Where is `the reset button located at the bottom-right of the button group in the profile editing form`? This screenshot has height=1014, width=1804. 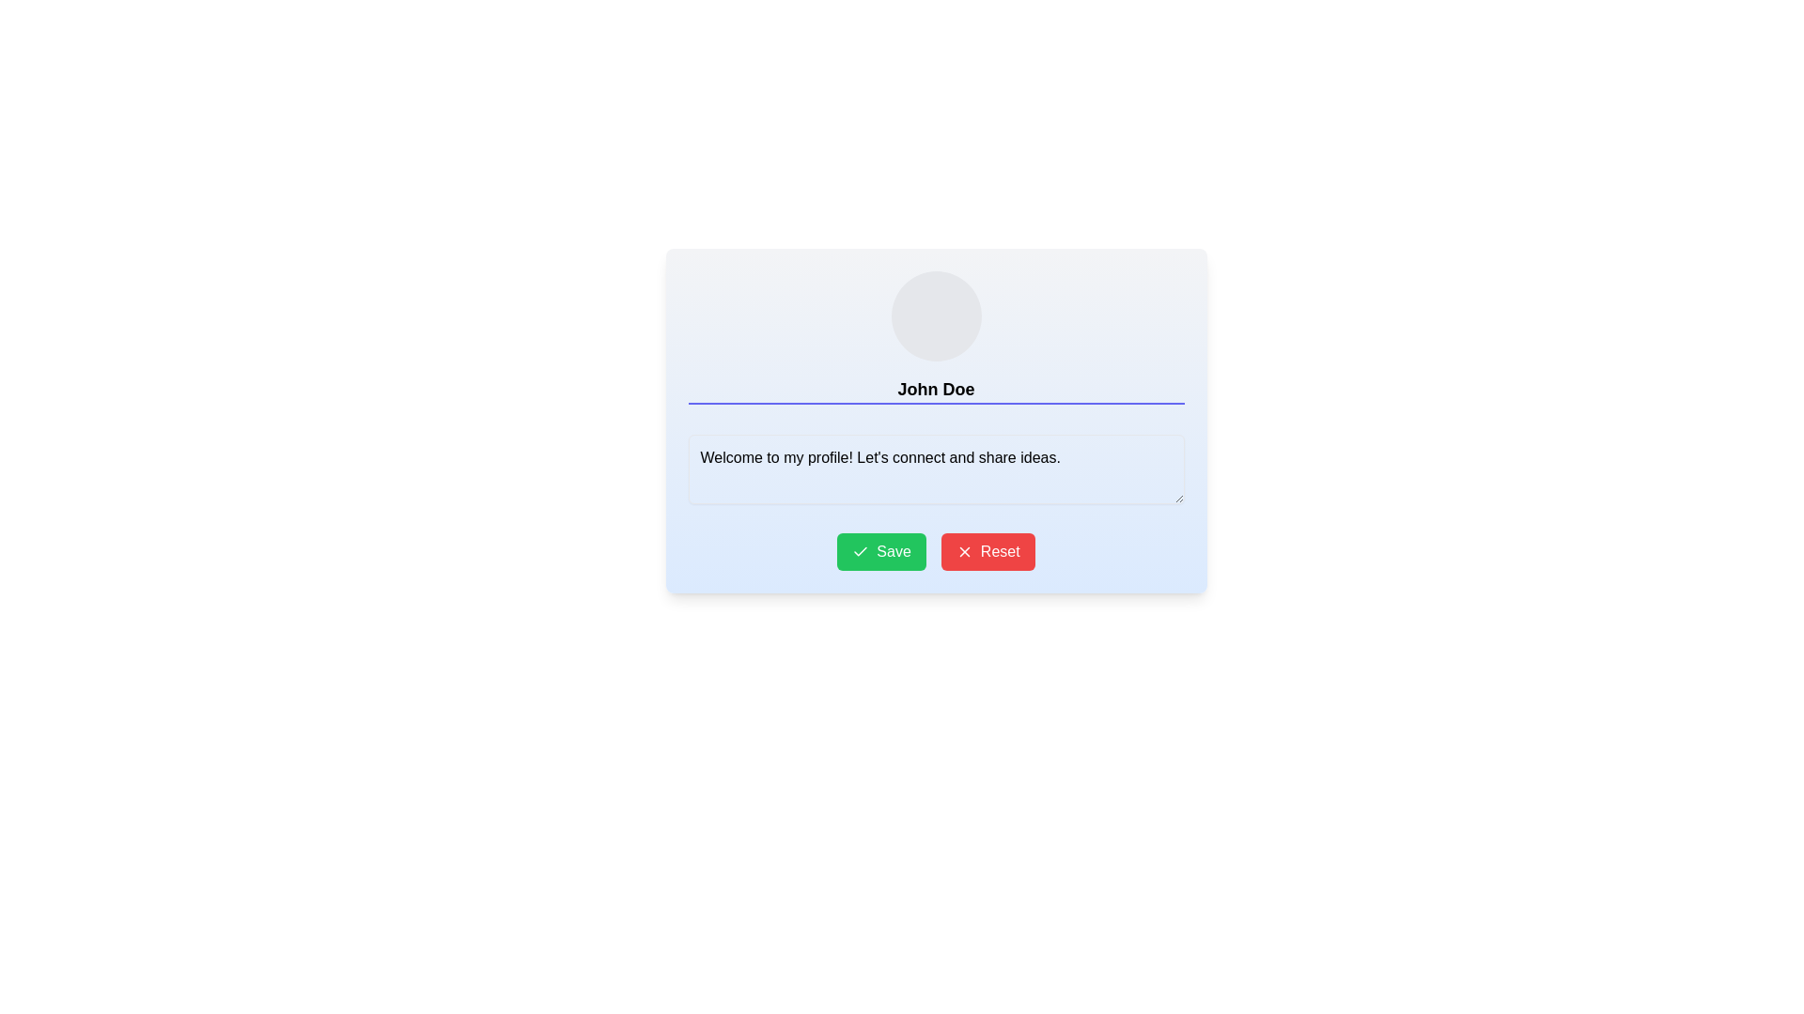
the reset button located at the bottom-right of the button group in the profile editing form is located at coordinates (987, 550).